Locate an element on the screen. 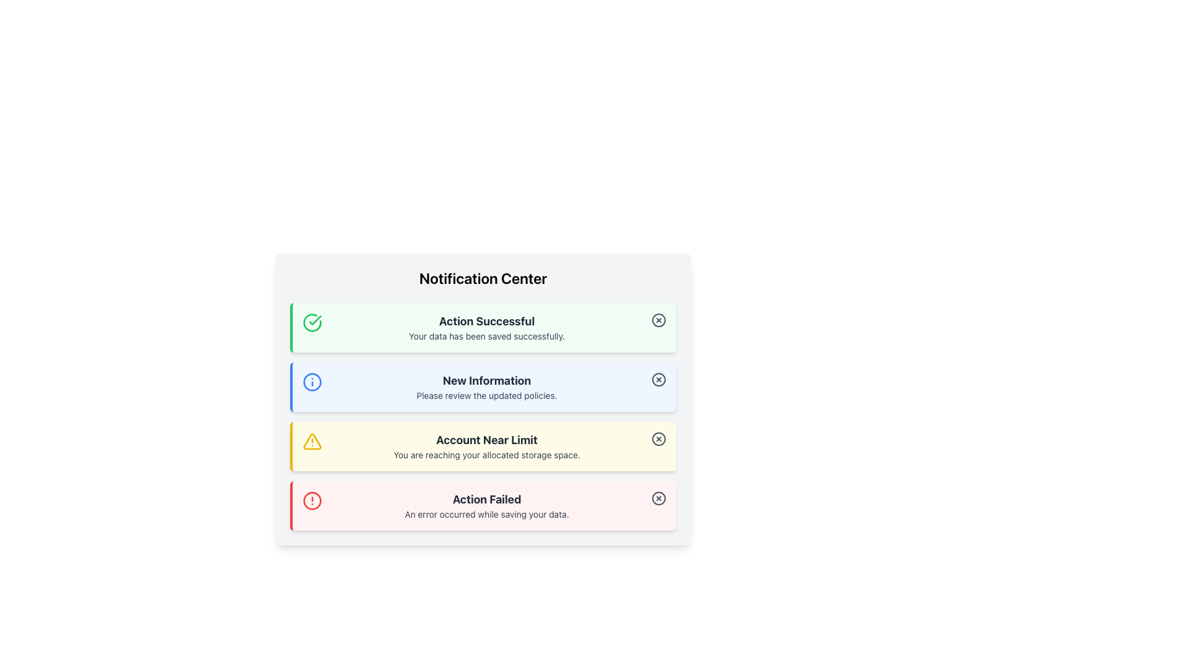 The height and width of the screenshot is (668, 1188). the warning icon in the 'Account Near Limit' notification located in the Notification Center, which is the first icon on the left side of the notification item is located at coordinates (312, 440).